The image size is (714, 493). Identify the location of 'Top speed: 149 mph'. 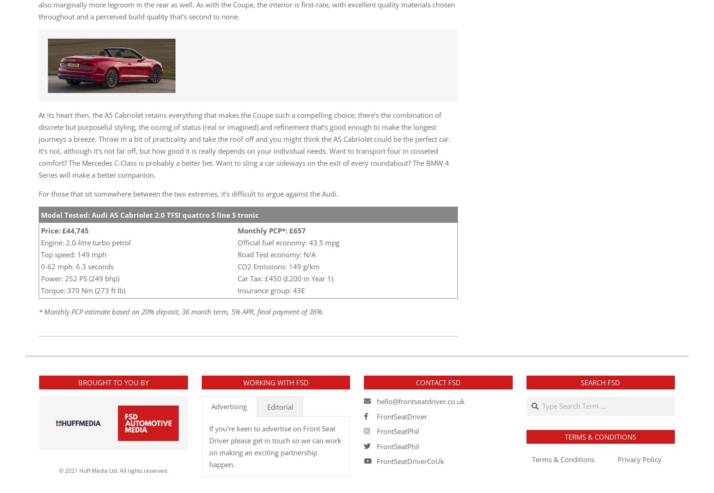
(73, 254).